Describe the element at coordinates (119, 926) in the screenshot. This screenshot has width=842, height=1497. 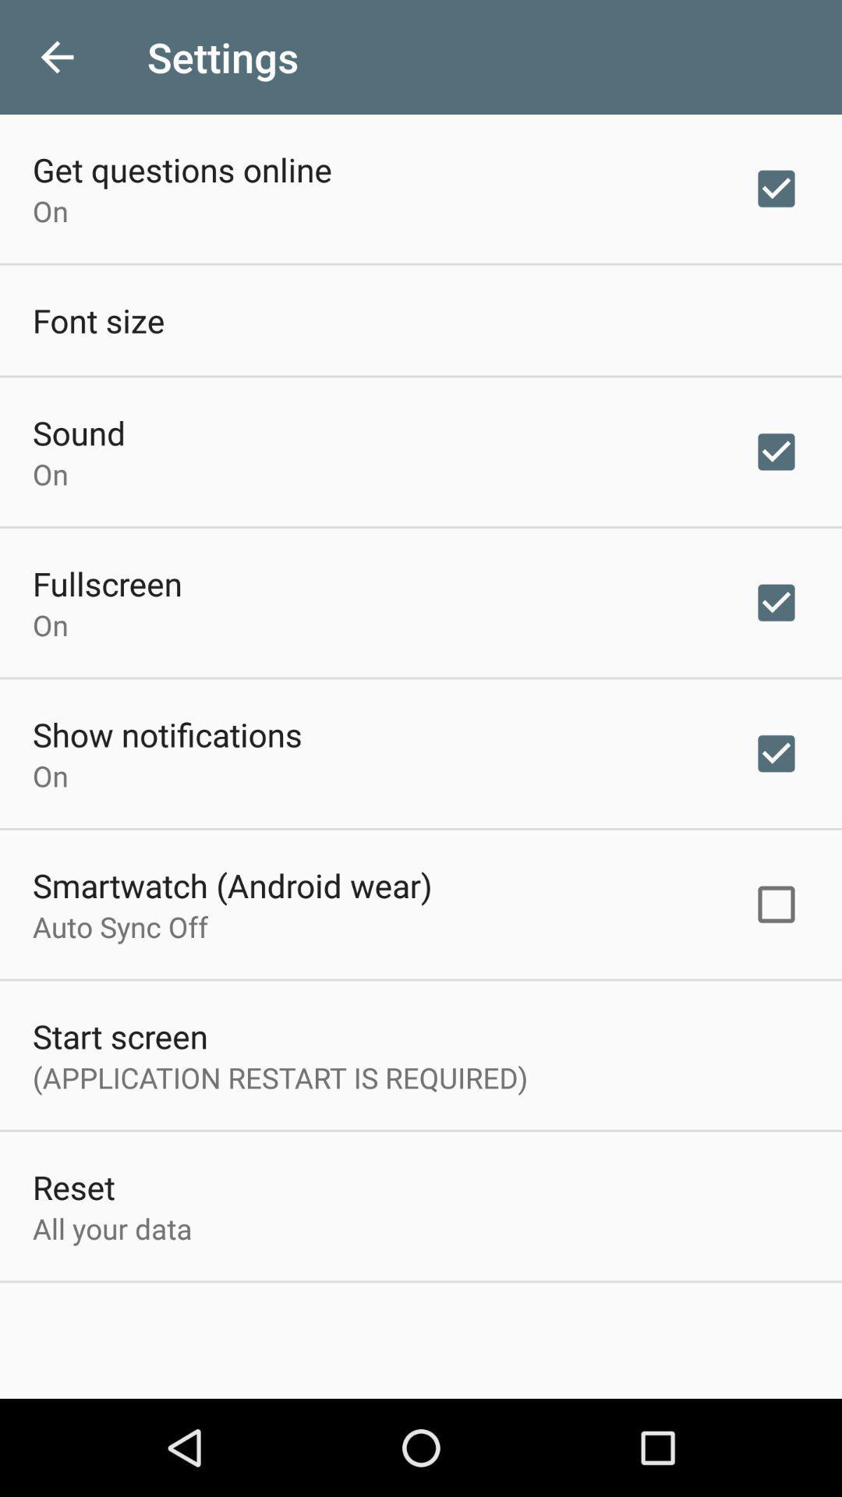
I see `auto sync off icon` at that location.